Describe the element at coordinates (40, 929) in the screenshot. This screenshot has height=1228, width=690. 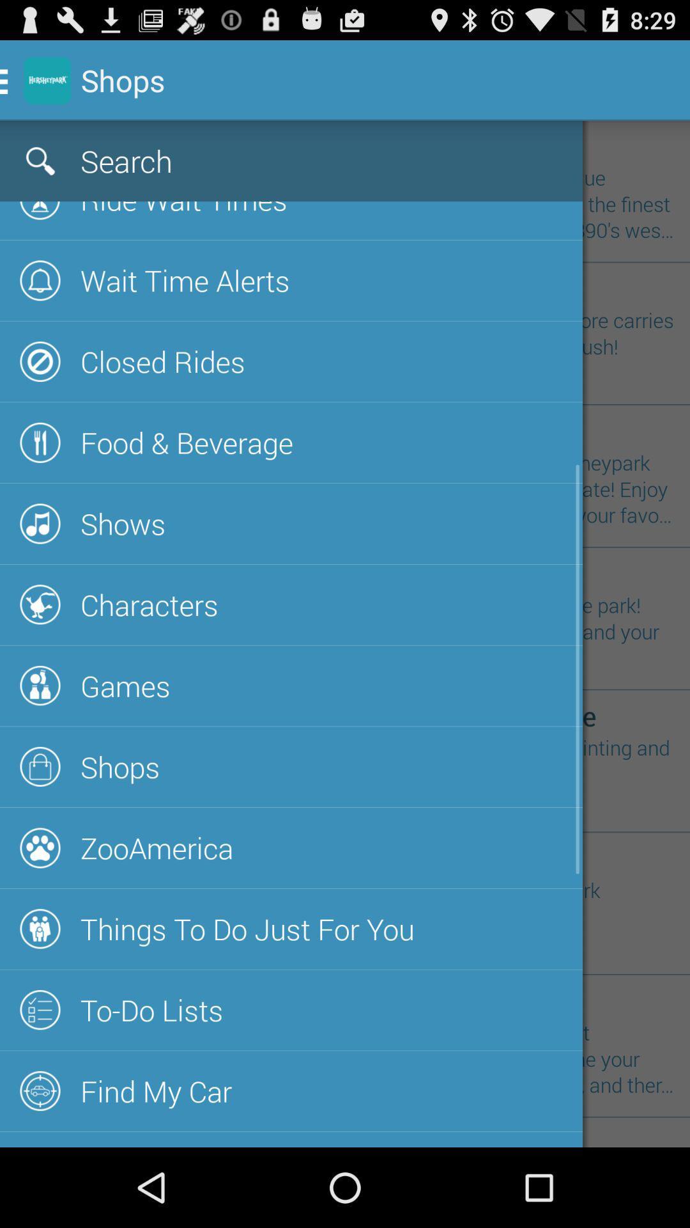
I see `the icon next to things to do just for you` at that location.